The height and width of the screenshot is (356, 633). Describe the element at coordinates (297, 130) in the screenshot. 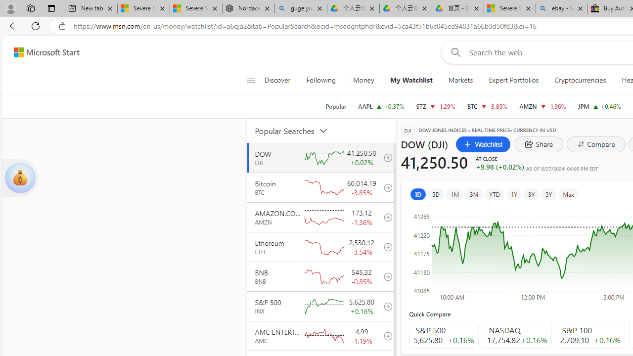

I see `'Popular Searches'` at that location.